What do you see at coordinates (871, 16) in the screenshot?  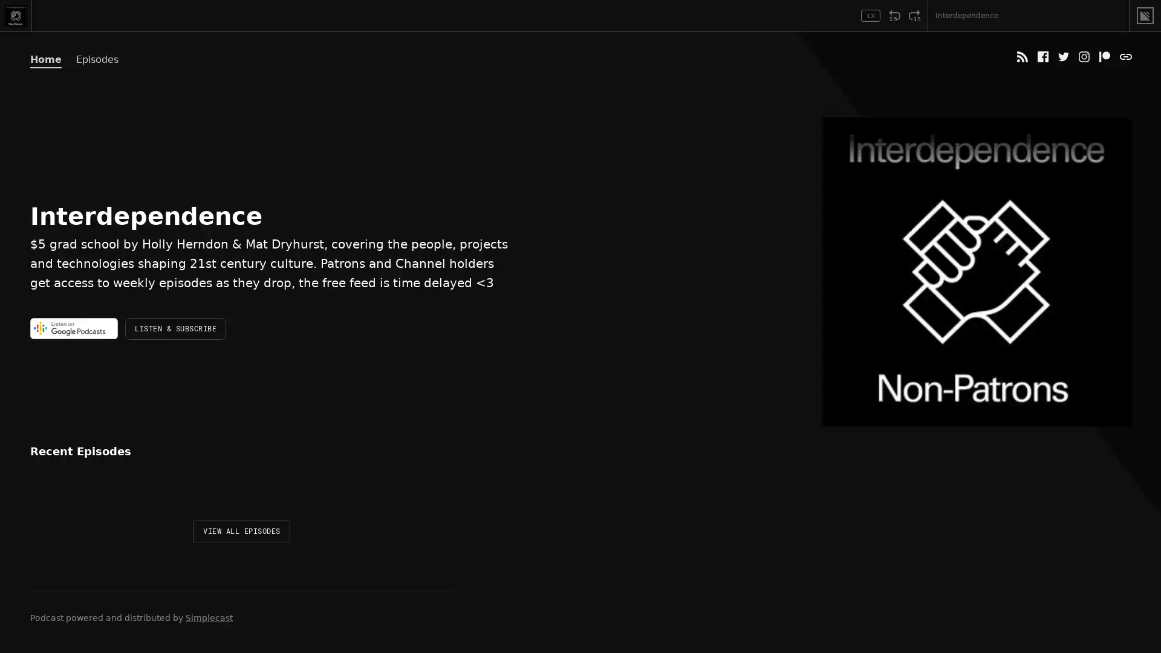 I see `Toggle Speed: Current Speed 1x` at bounding box center [871, 16].